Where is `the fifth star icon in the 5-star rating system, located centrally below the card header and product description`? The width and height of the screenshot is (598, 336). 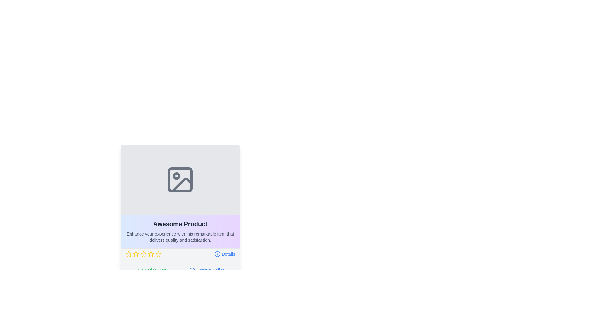 the fifth star icon in the 5-star rating system, located centrally below the card header and product description is located at coordinates (143, 254).